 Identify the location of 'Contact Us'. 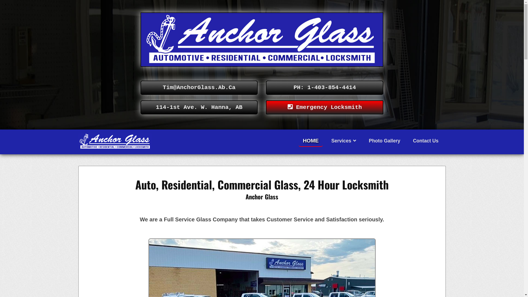
(425, 141).